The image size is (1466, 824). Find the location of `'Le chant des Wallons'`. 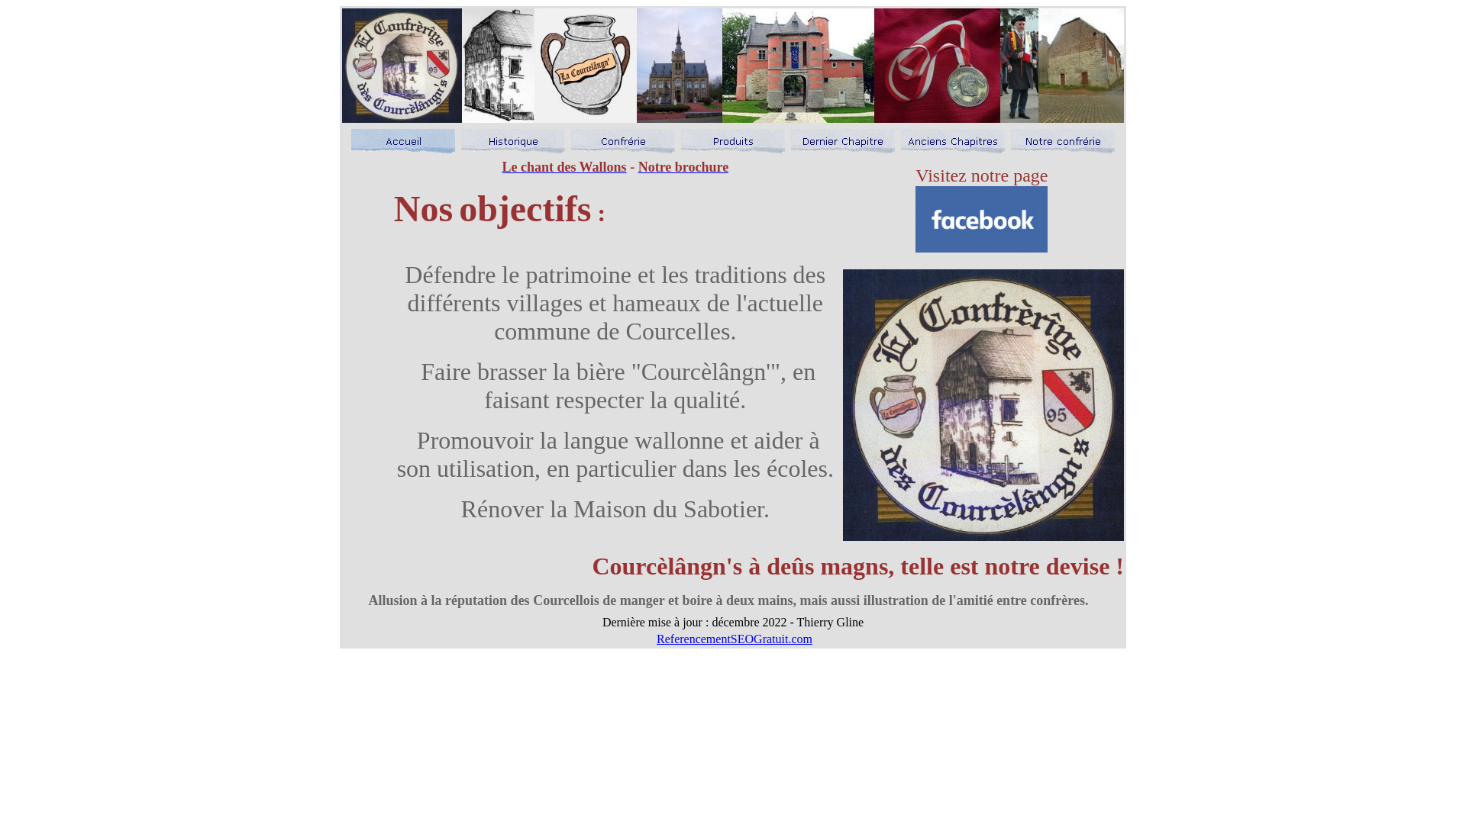

'Le chant des Wallons' is located at coordinates (502, 167).